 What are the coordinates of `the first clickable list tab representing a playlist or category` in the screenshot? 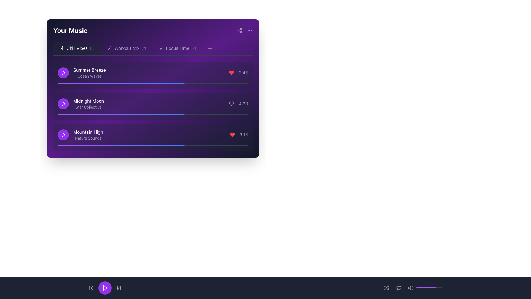 It's located at (77, 48).